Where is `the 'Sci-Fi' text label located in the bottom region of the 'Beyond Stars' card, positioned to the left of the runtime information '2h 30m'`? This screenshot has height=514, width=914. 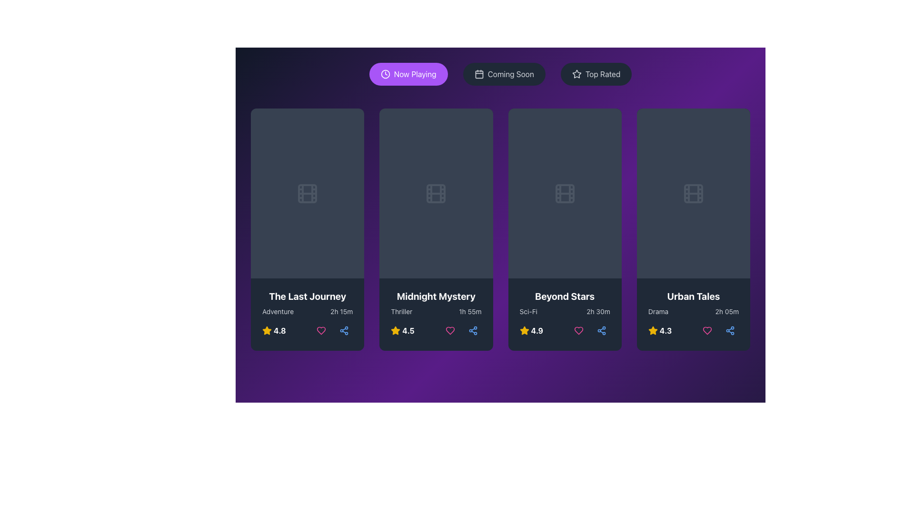 the 'Sci-Fi' text label located in the bottom region of the 'Beyond Stars' card, positioned to the left of the runtime information '2h 30m' is located at coordinates (528, 312).